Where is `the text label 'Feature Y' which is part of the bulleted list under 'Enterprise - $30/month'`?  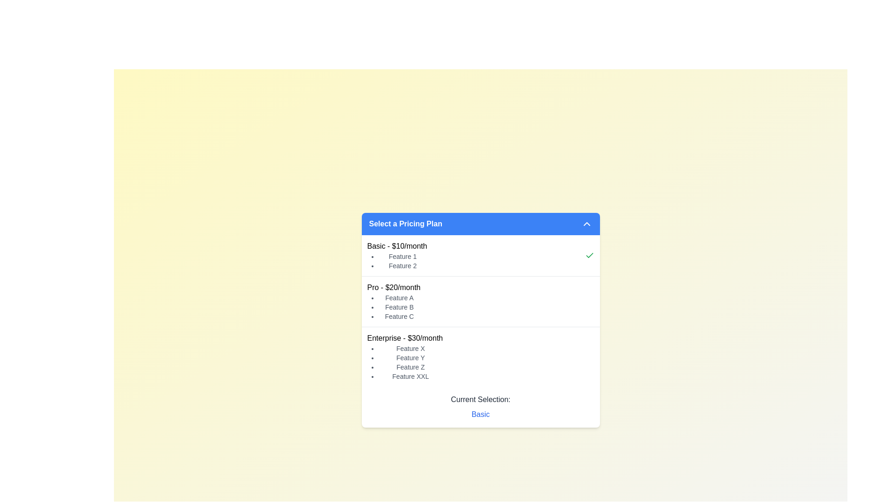 the text label 'Feature Y' which is part of the bulleted list under 'Enterprise - $30/month' is located at coordinates (410, 357).